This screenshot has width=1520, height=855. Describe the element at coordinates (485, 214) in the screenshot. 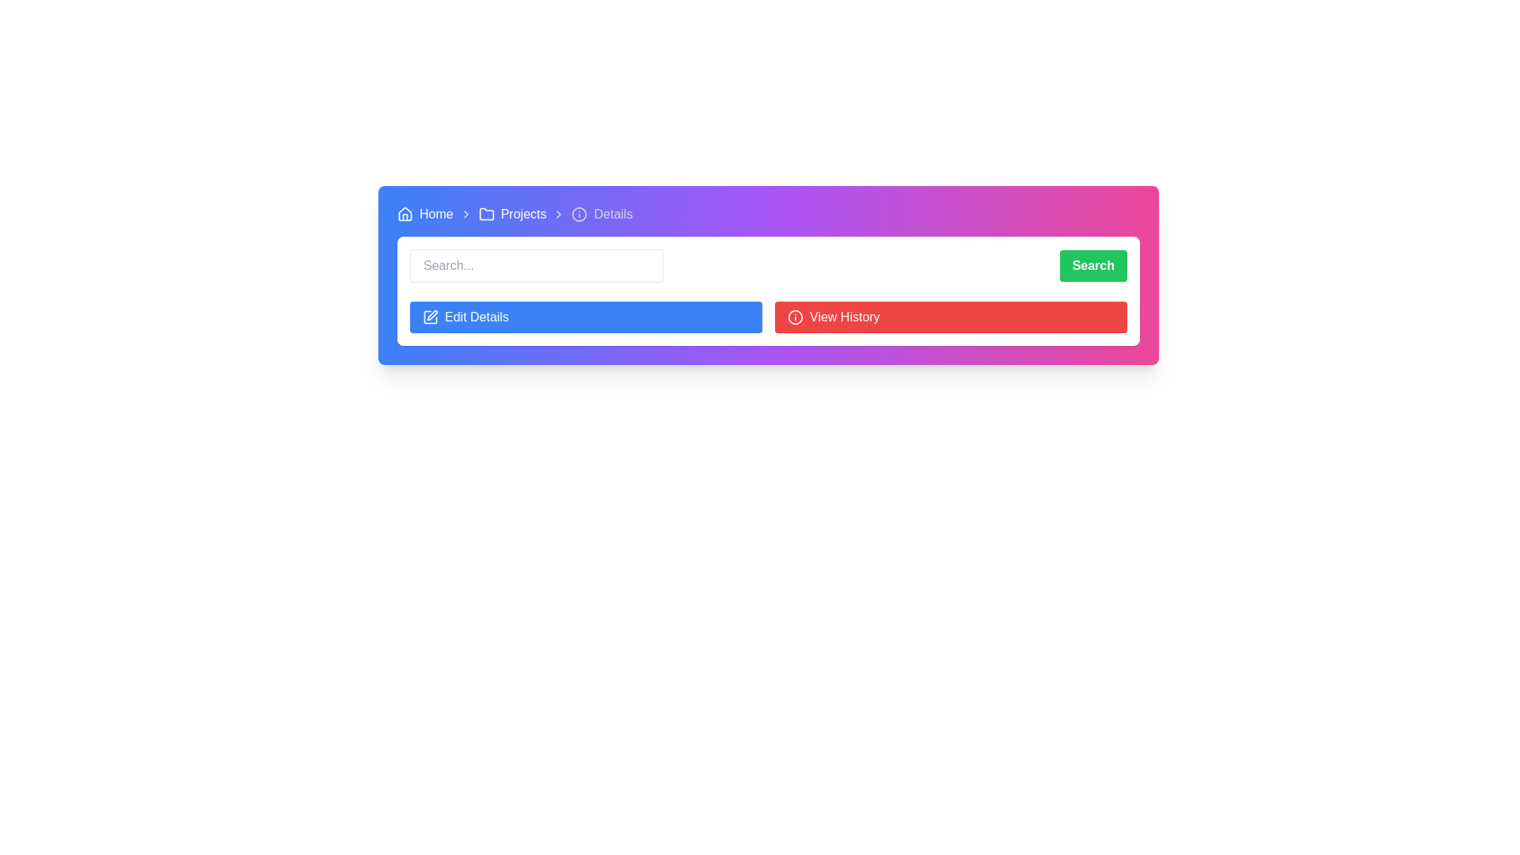

I see `the folder icon representing the 'Projects' section in the breadcrumb navigation bar, located between 'Home' and 'Projects'` at that location.